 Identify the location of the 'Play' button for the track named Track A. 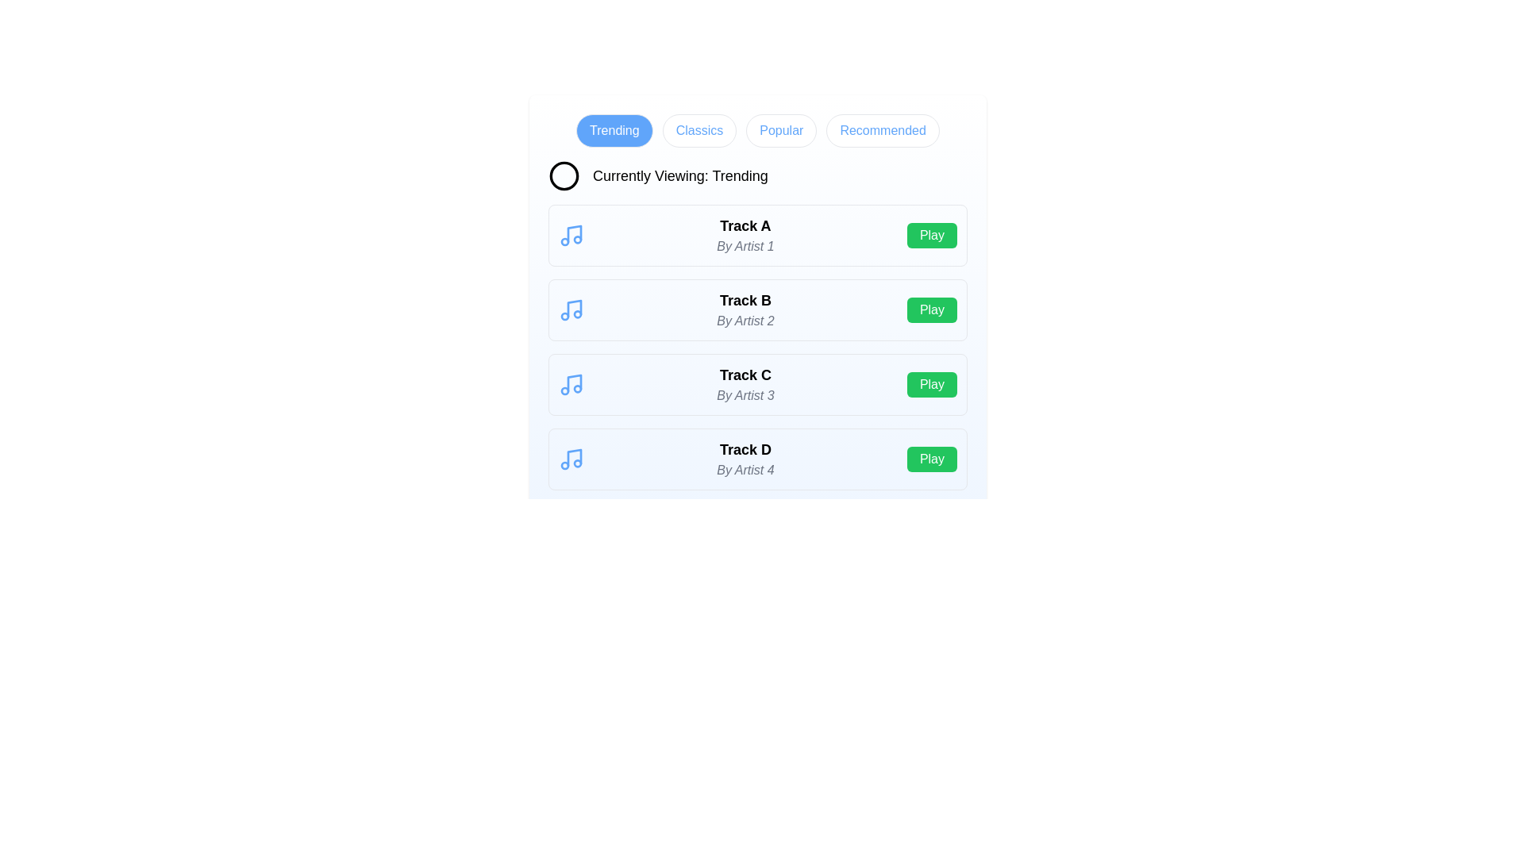
(932, 236).